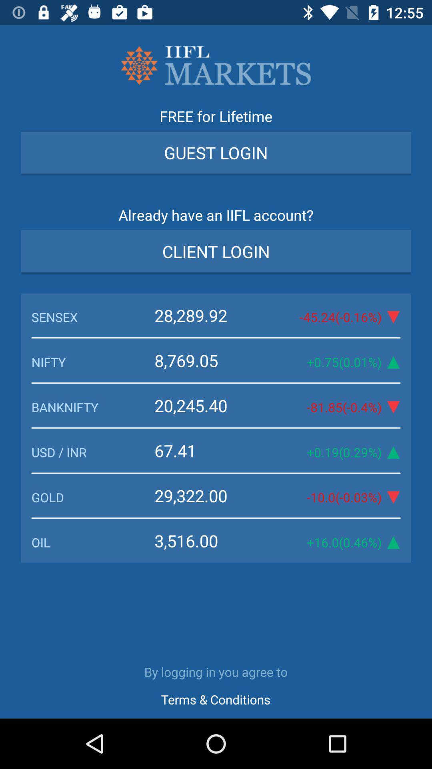 This screenshot has height=769, width=432. What do you see at coordinates (92, 497) in the screenshot?
I see `gold` at bounding box center [92, 497].